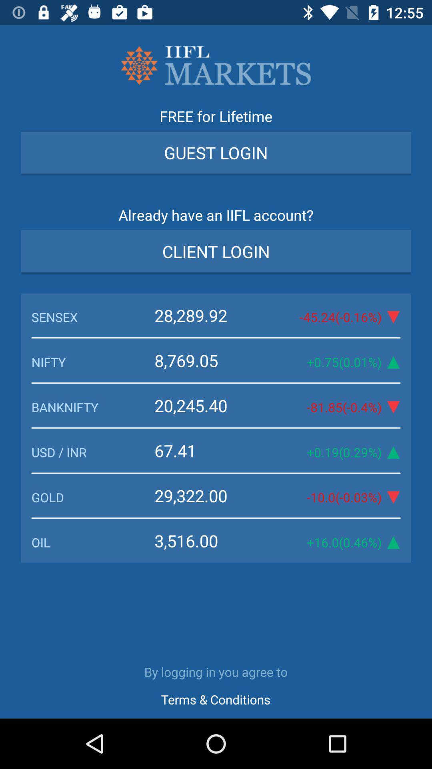 This screenshot has height=769, width=432. What do you see at coordinates (92, 497) in the screenshot?
I see `gold` at bounding box center [92, 497].